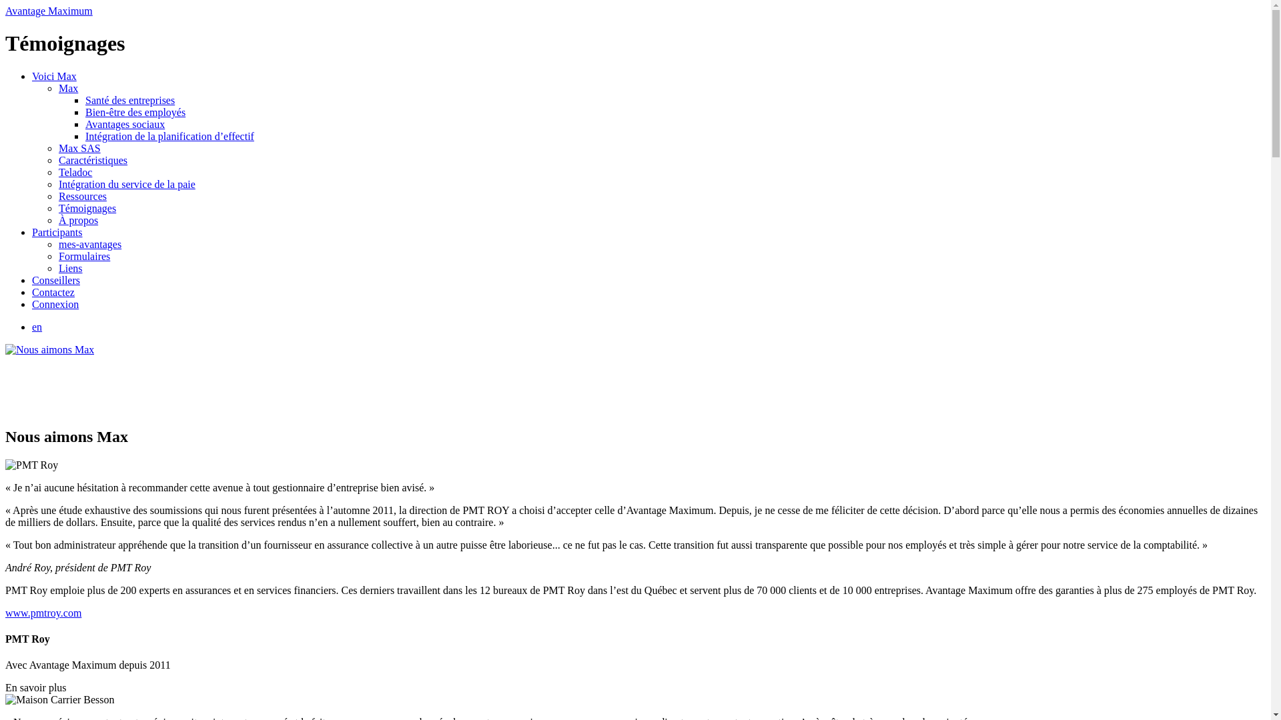 The height and width of the screenshot is (720, 1281). What do you see at coordinates (32, 279) in the screenshot?
I see `'Conseillers'` at bounding box center [32, 279].